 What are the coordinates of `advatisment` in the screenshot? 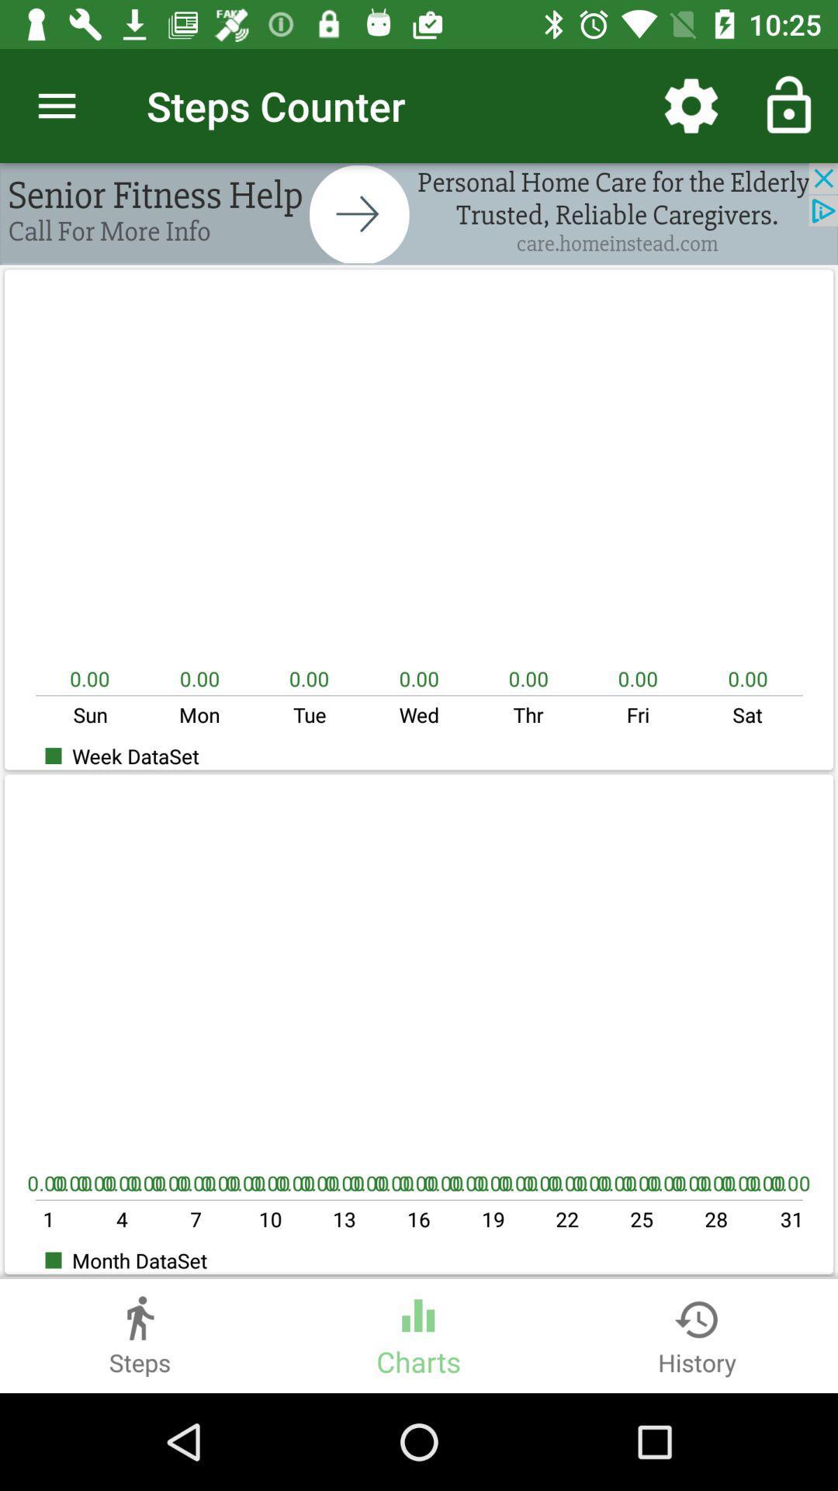 It's located at (419, 213).